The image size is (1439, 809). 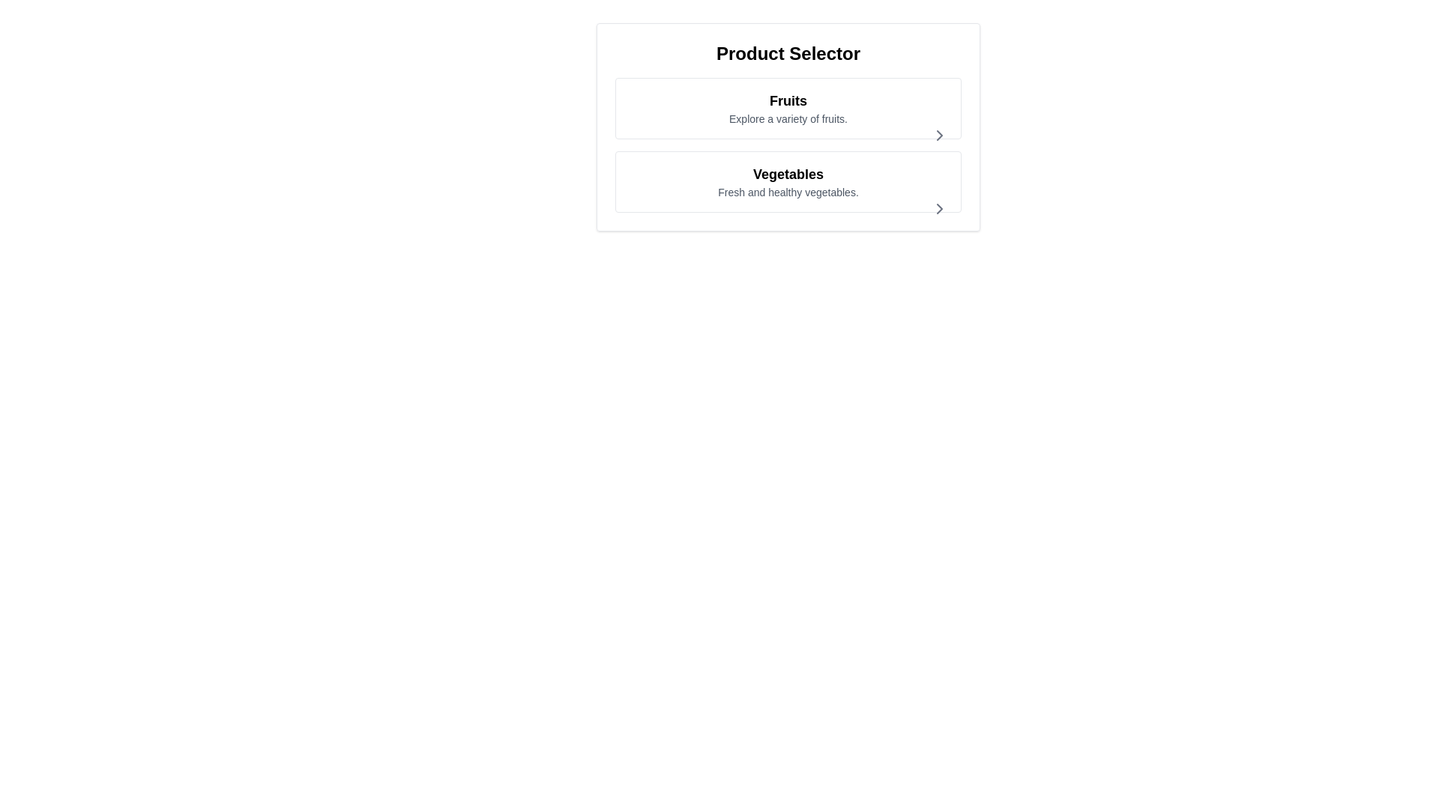 I want to click on the right-facing chevron icon located on the far right of the 'Vegetables' card in the 'Product Selector' section, so click(x=938, y=208).